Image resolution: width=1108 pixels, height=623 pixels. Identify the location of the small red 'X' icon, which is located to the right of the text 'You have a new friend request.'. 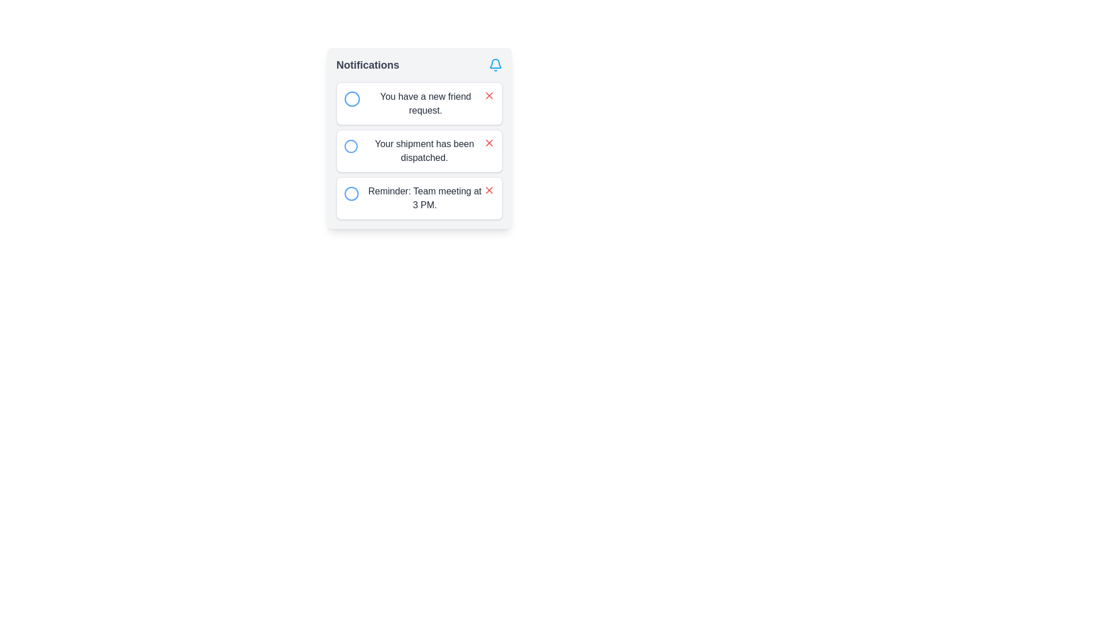
(489, 95).